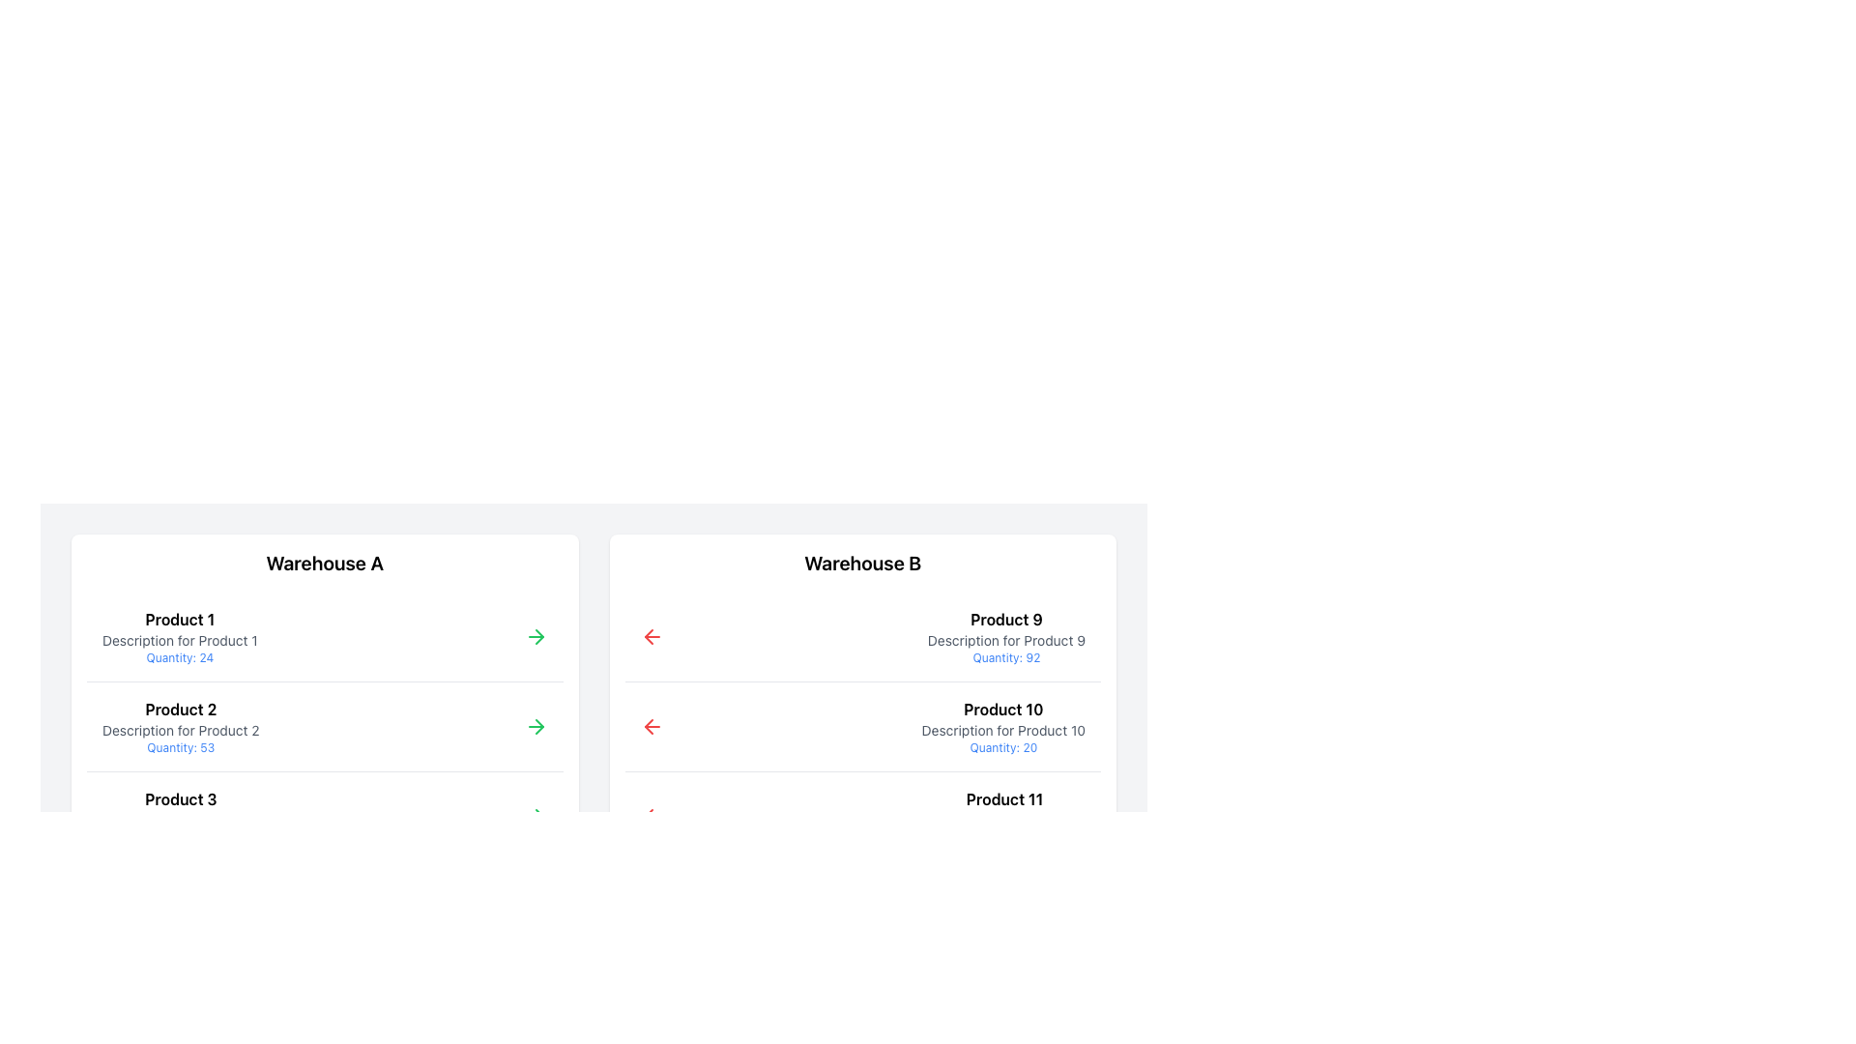  Describe the element at coordinates (181, 816) in the screenshot. I see `the list item displaying 'Product 3' with additional information and quantity details under the 'Warehouse A' section` at that location.